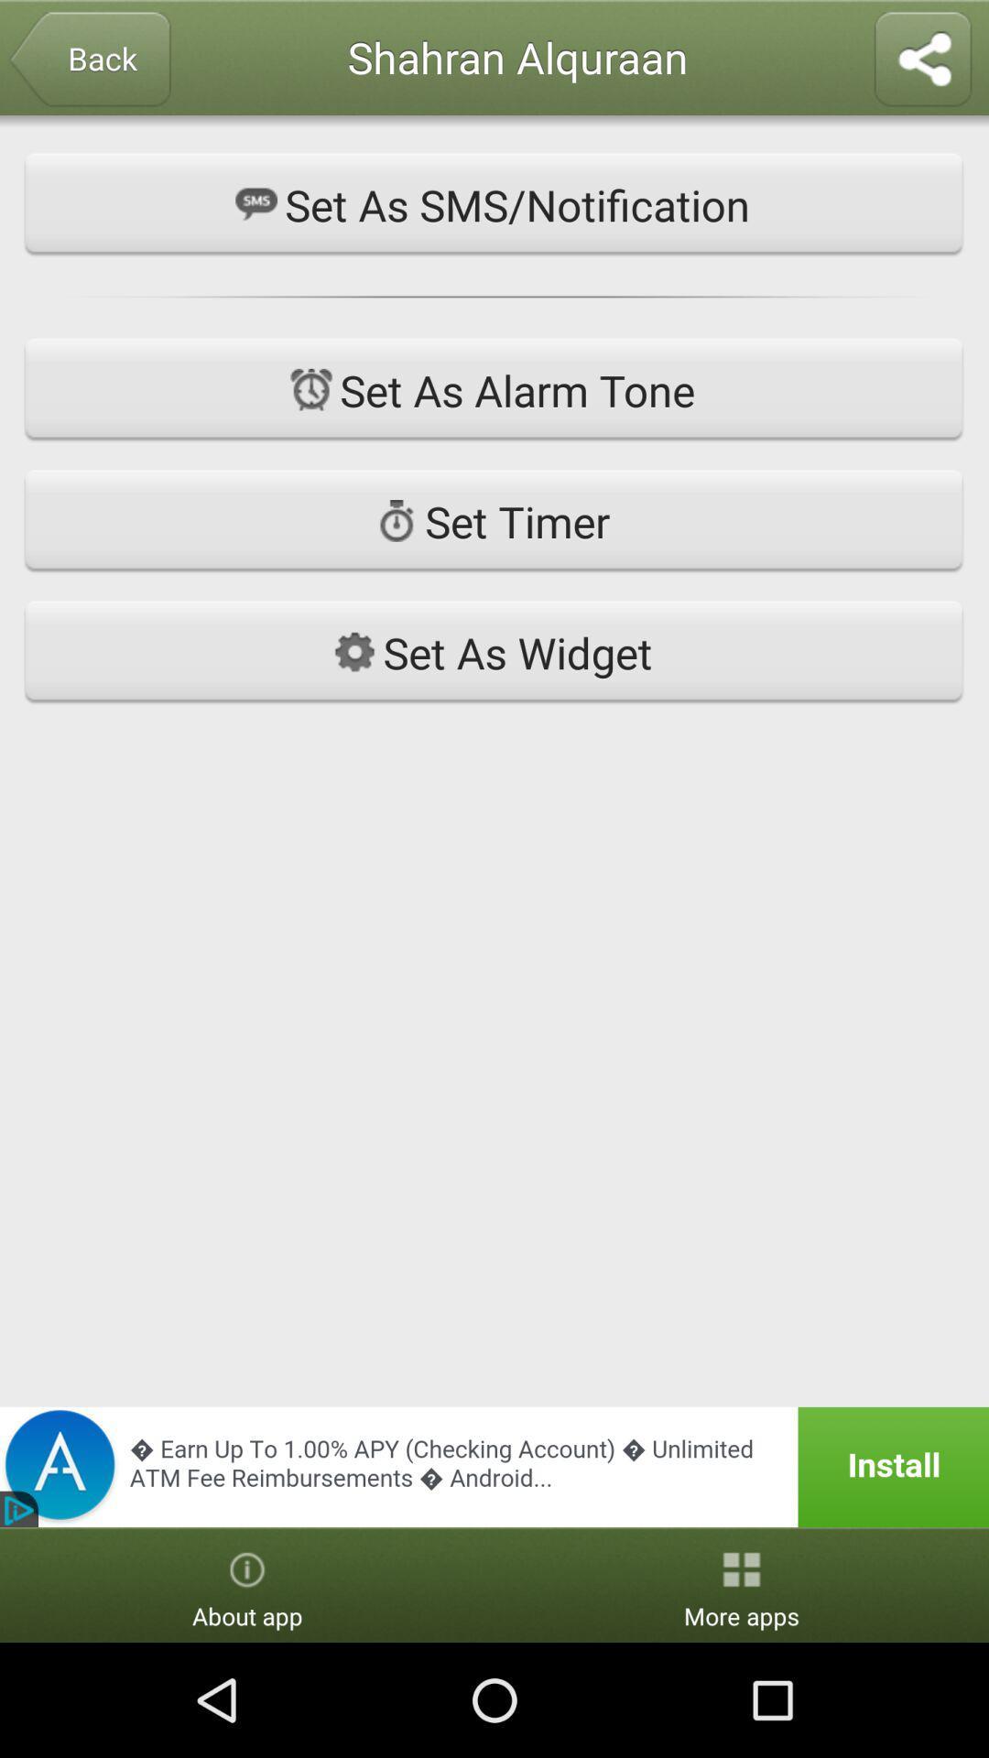 The width and height of the screenshot is (989, 1758). Describe the element at coordinates (922, 60) in the screenshot. I see `share button` at that location.